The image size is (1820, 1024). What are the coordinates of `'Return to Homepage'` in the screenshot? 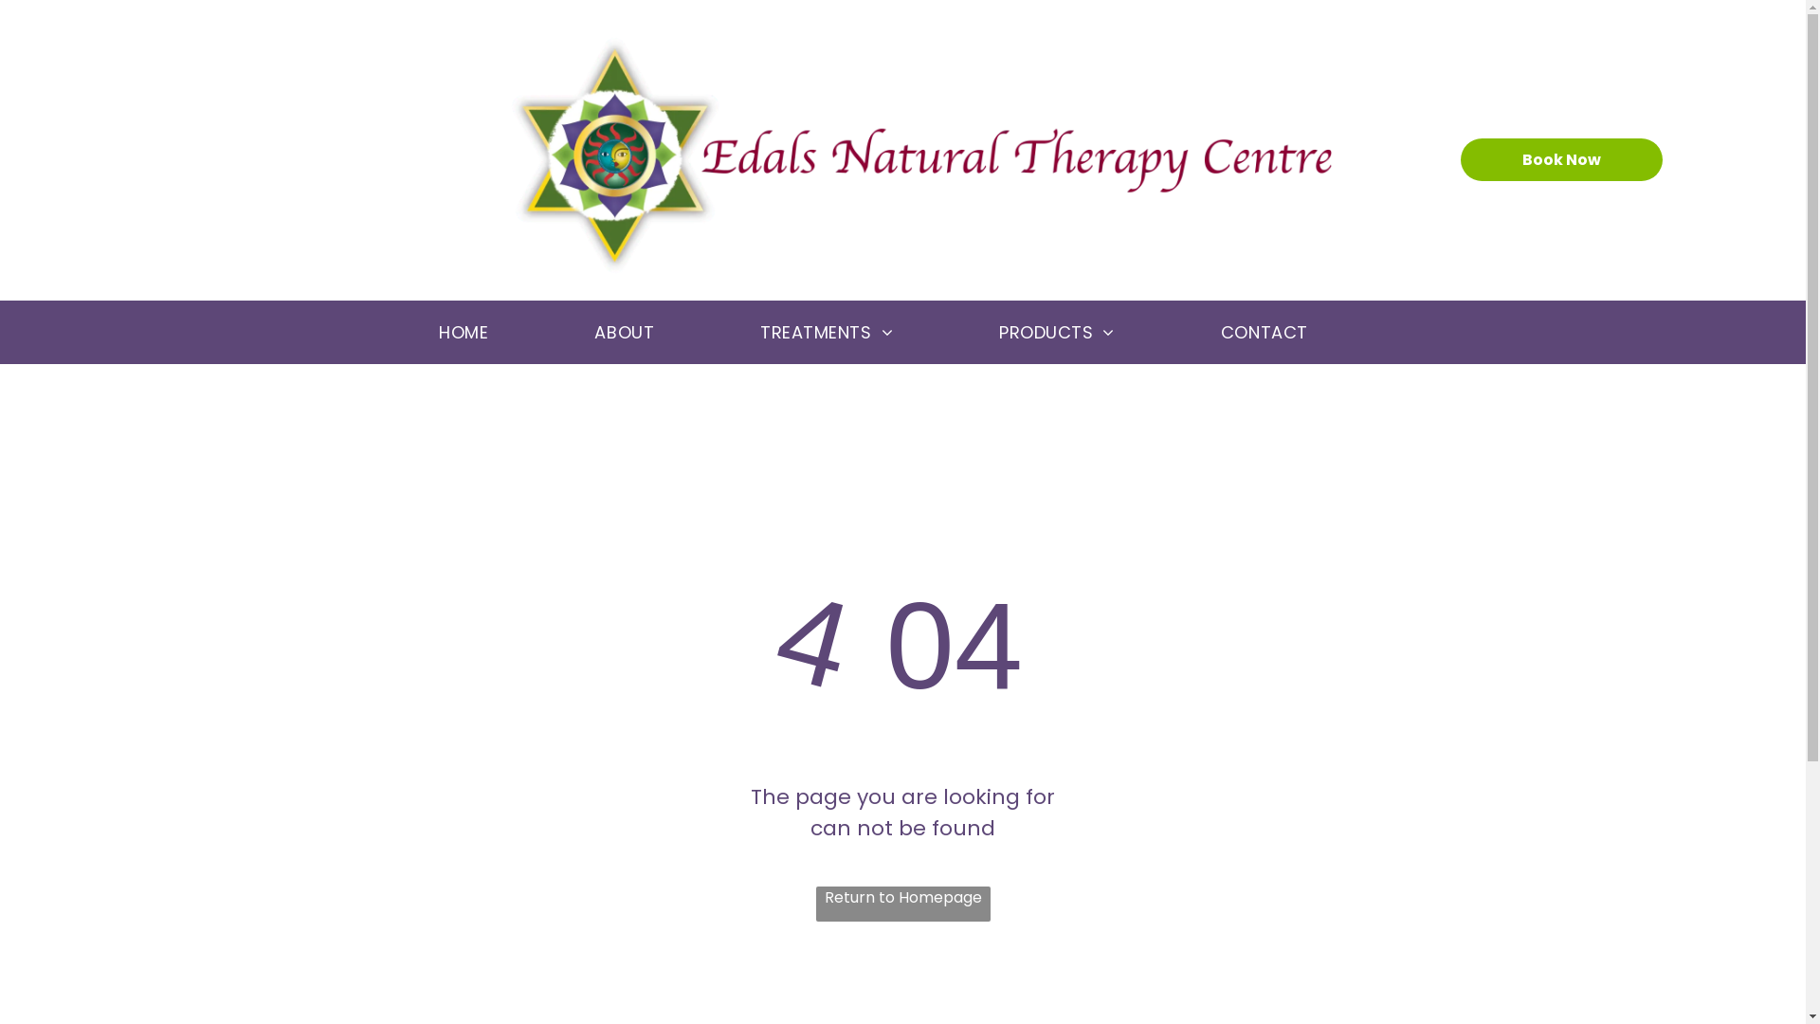 It's located at (901, 903).